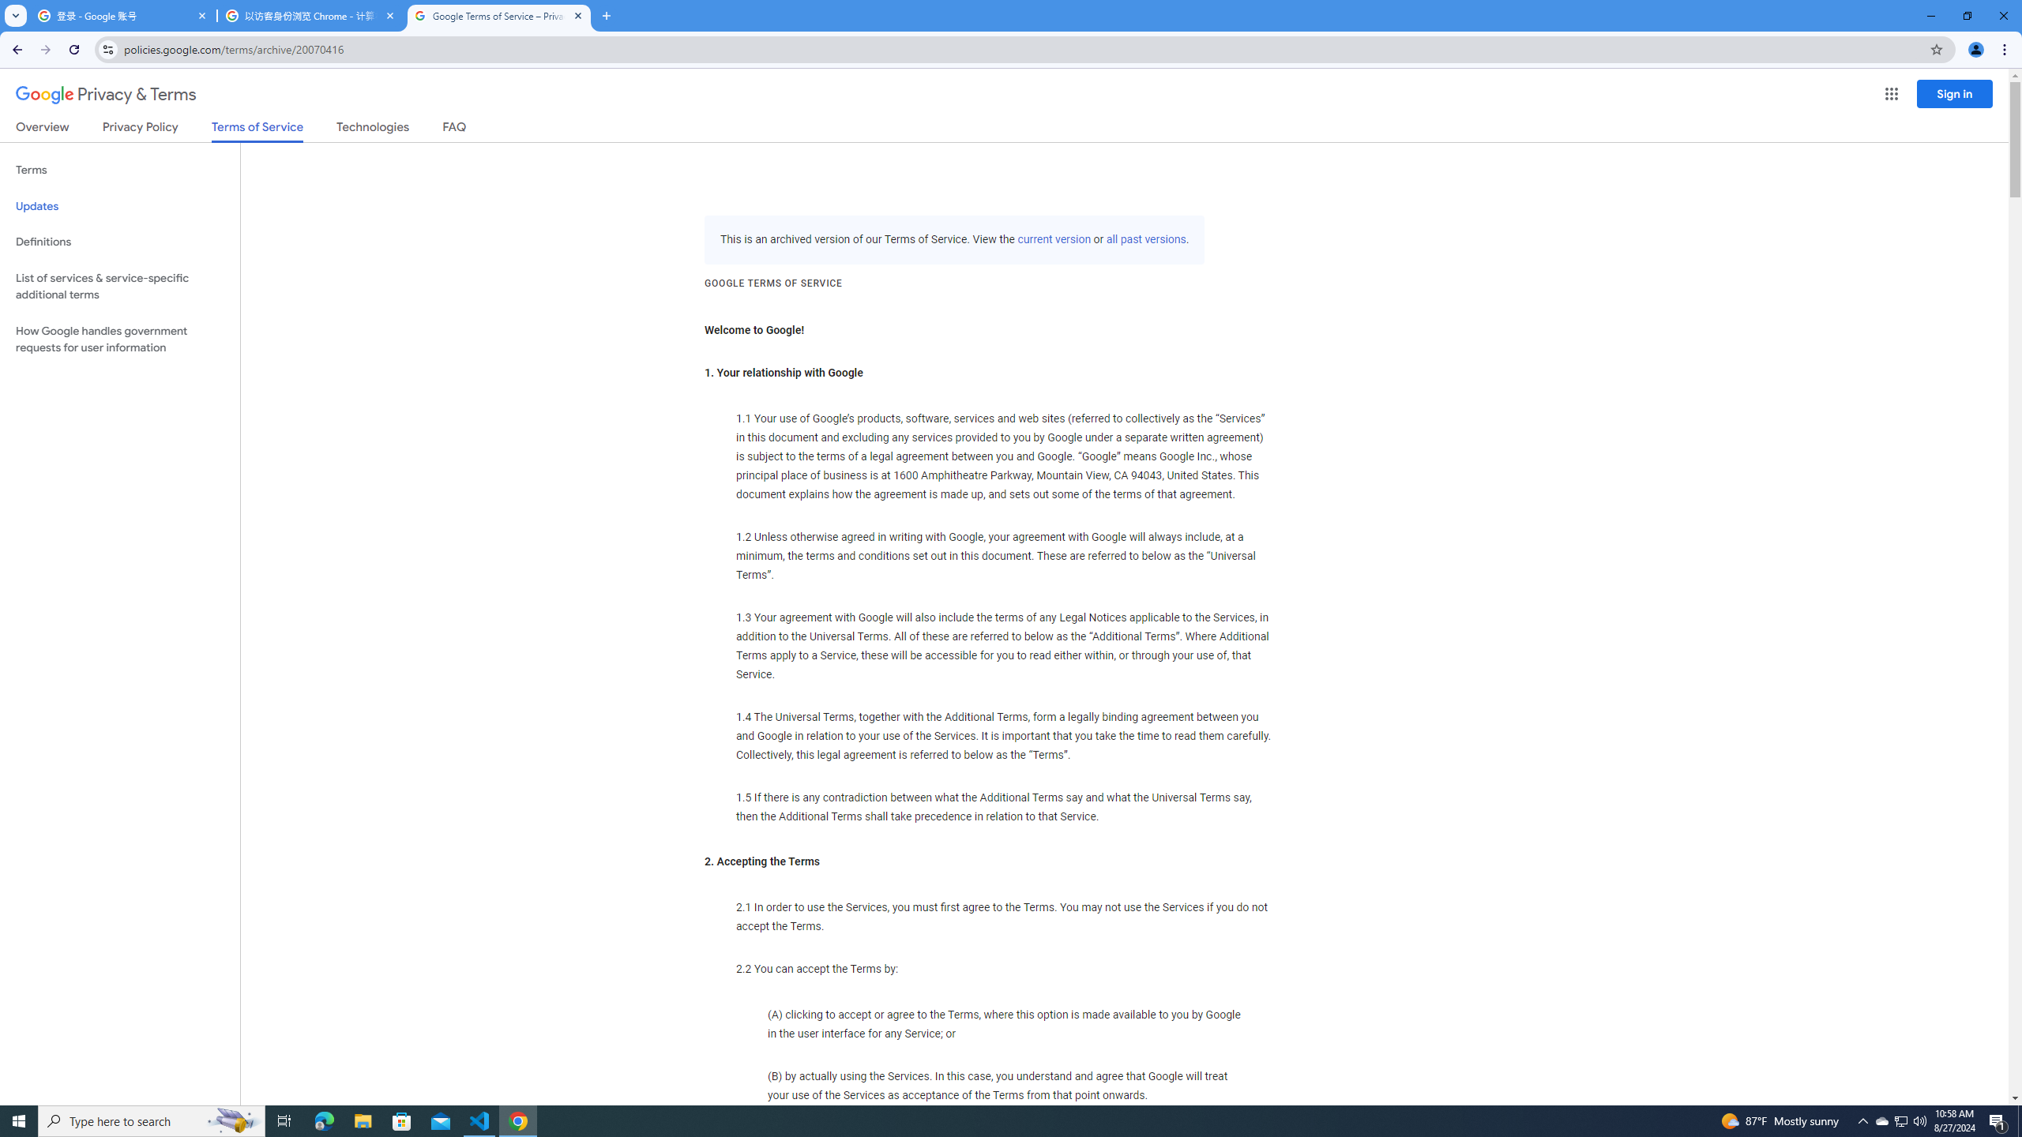  Describe the element at coordinates (119, 285) in the screenshot. I see `'List of services & service-specific additional terms'` at that location.